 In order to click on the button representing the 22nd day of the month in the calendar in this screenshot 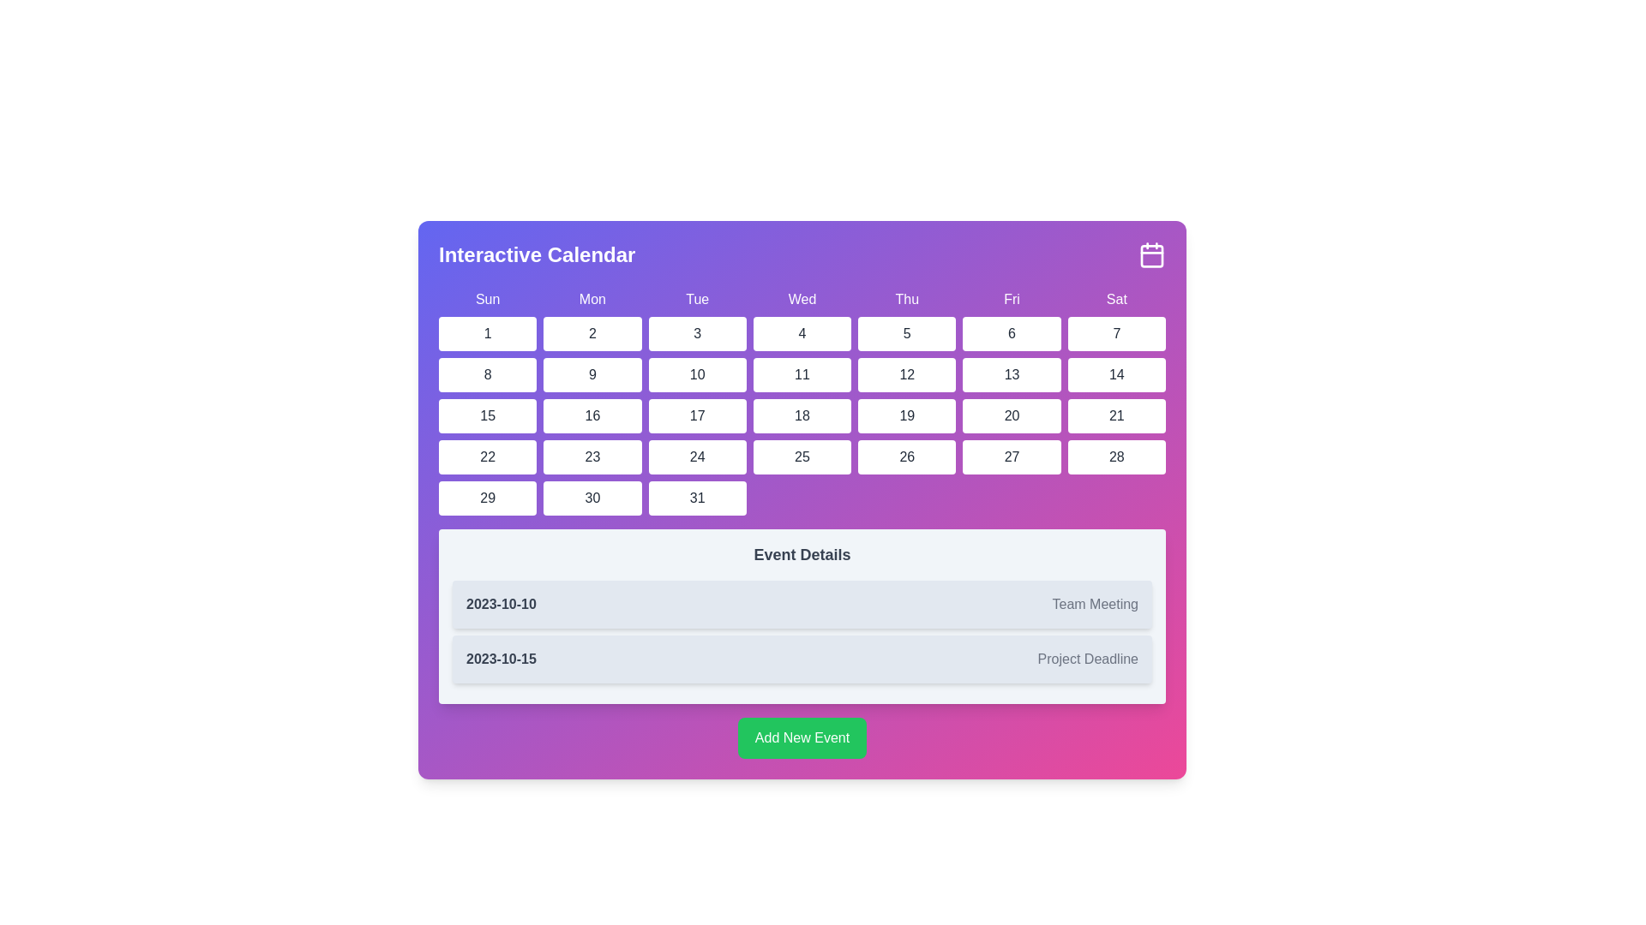, I will do `click(487, 456)`.